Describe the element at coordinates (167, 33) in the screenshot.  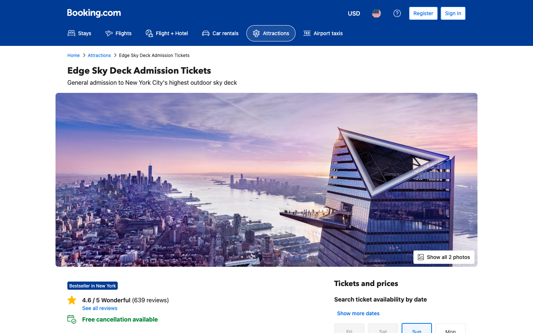
I see `the integrated flights and hotels section` at that location.